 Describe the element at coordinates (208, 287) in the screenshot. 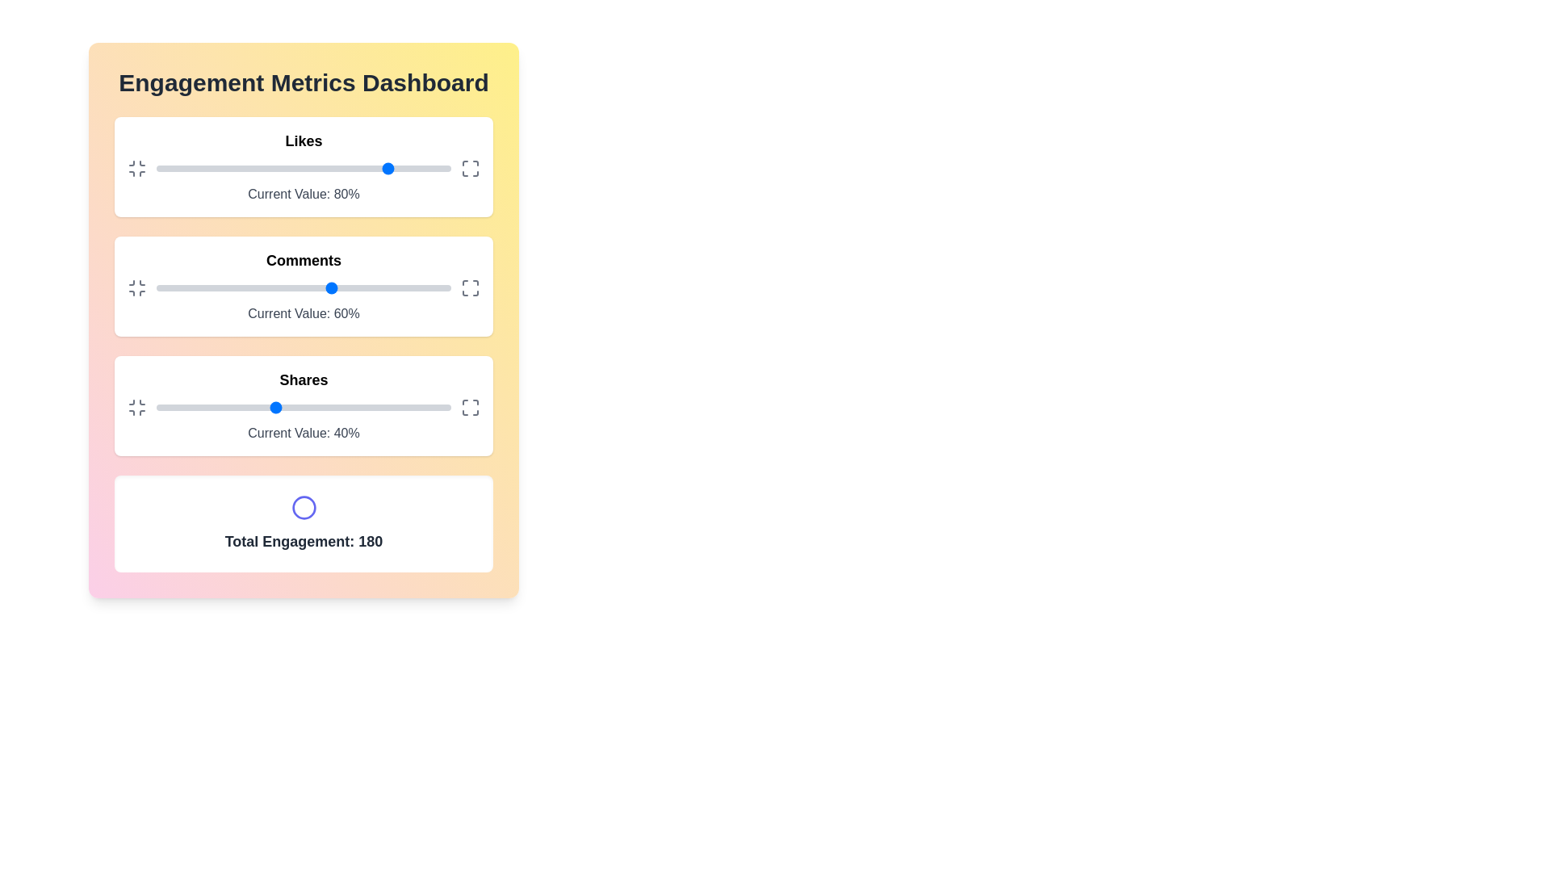

I see `the comments slider` at that location.